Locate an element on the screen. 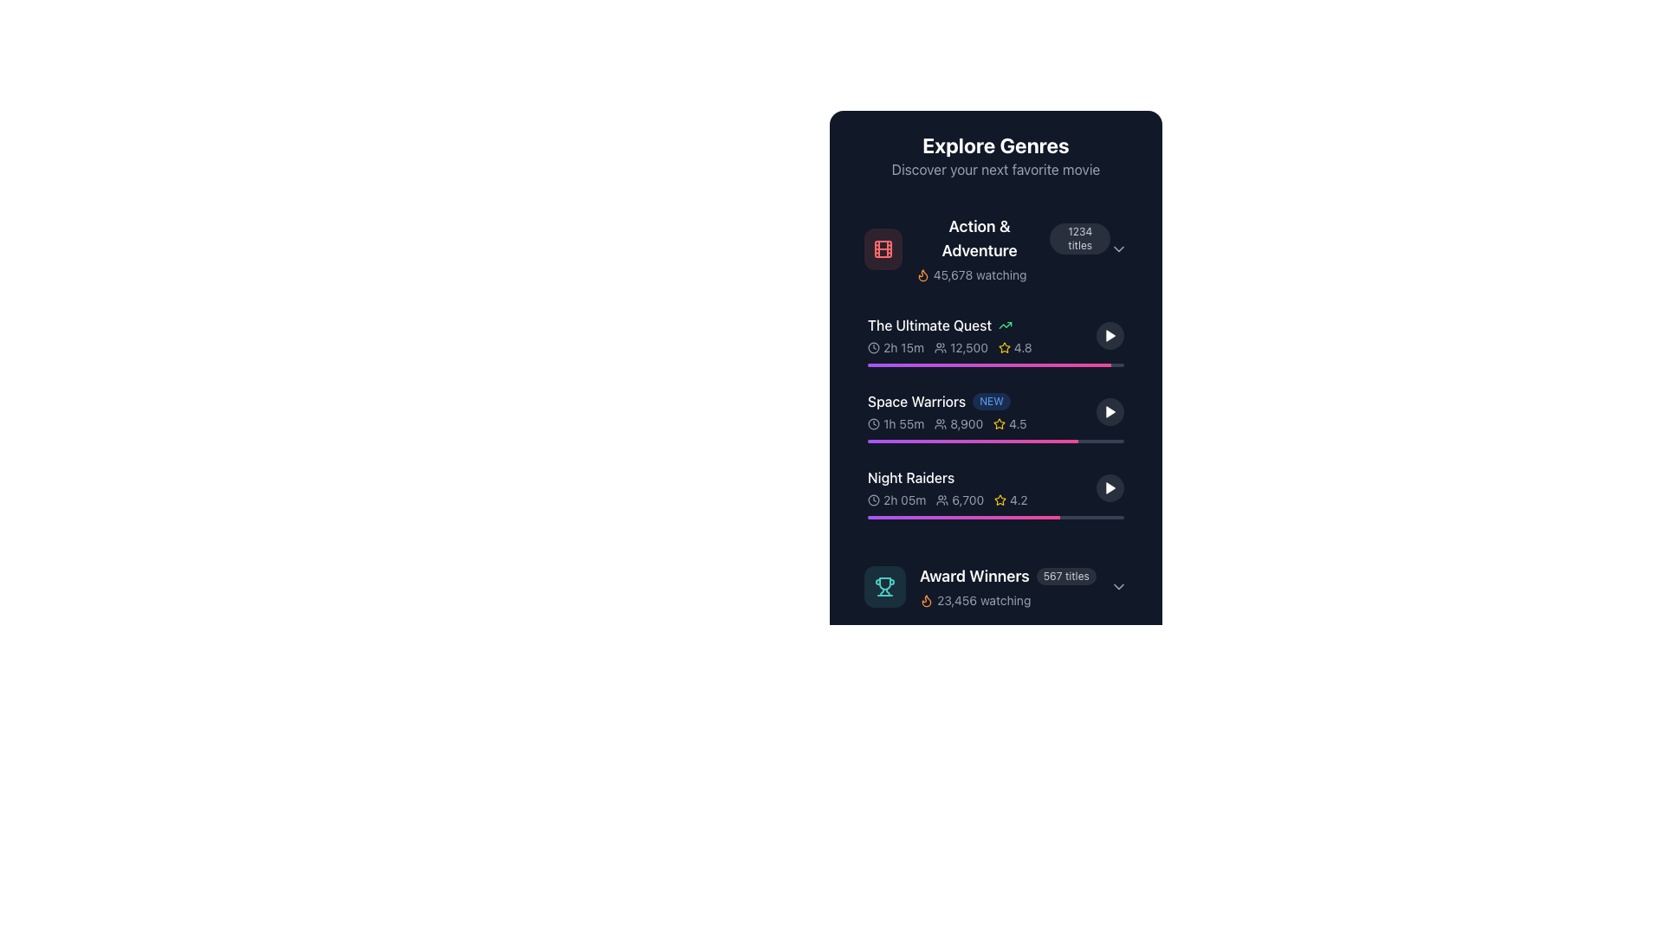 Image resolution: width=1663 pixels, height=935 pixels. the play button icon located on the right side of the 'Night Raiders' list entry is located at coordinates (1110, 487).